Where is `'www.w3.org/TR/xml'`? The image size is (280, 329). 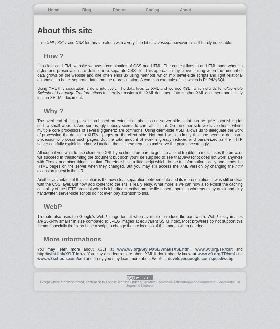 'www.w3.org/TR/xml' is located at coordinates (216, 254).